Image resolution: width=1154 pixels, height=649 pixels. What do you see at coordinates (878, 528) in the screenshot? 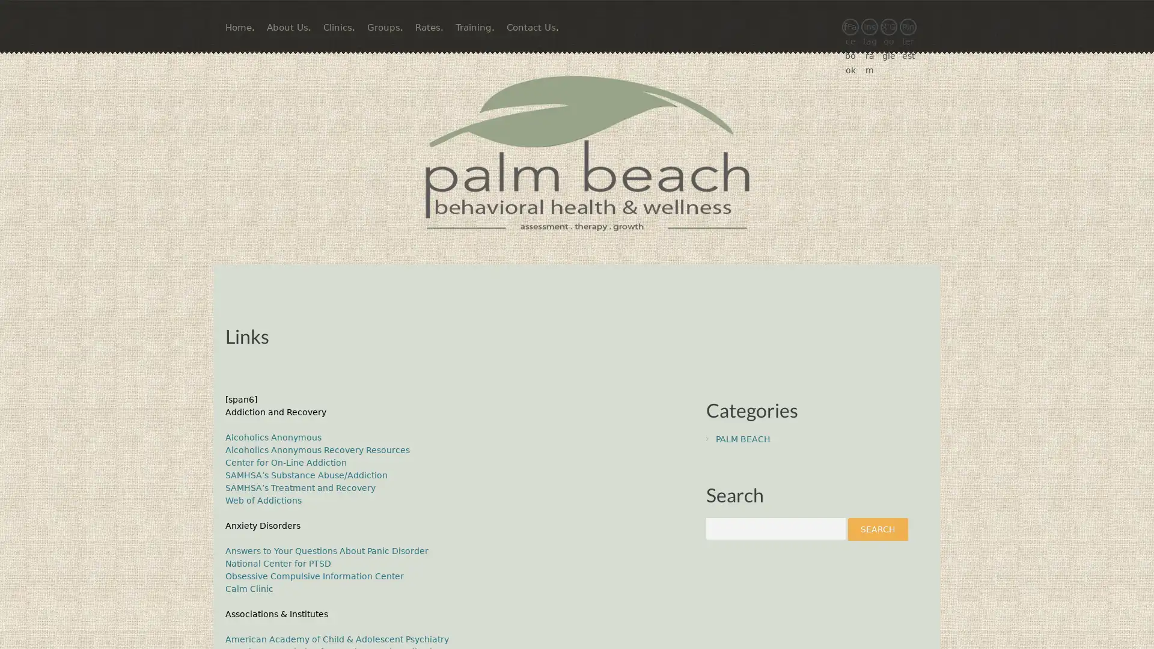
I see `search` at bounding box center [878, 528].